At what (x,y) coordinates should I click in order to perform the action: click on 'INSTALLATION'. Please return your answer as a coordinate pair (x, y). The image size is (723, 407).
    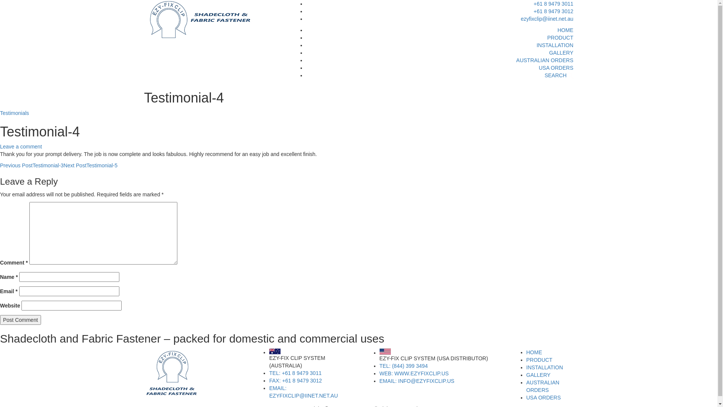
    Looking at the image, I should click on (536, 45).